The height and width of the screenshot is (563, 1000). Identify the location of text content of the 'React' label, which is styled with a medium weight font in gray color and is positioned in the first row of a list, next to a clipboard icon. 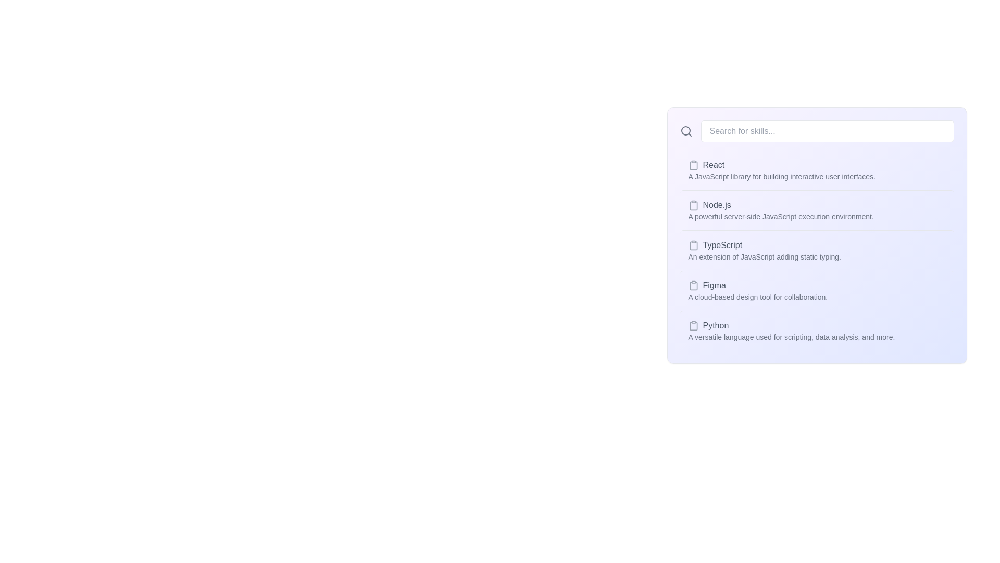
(713, 164).